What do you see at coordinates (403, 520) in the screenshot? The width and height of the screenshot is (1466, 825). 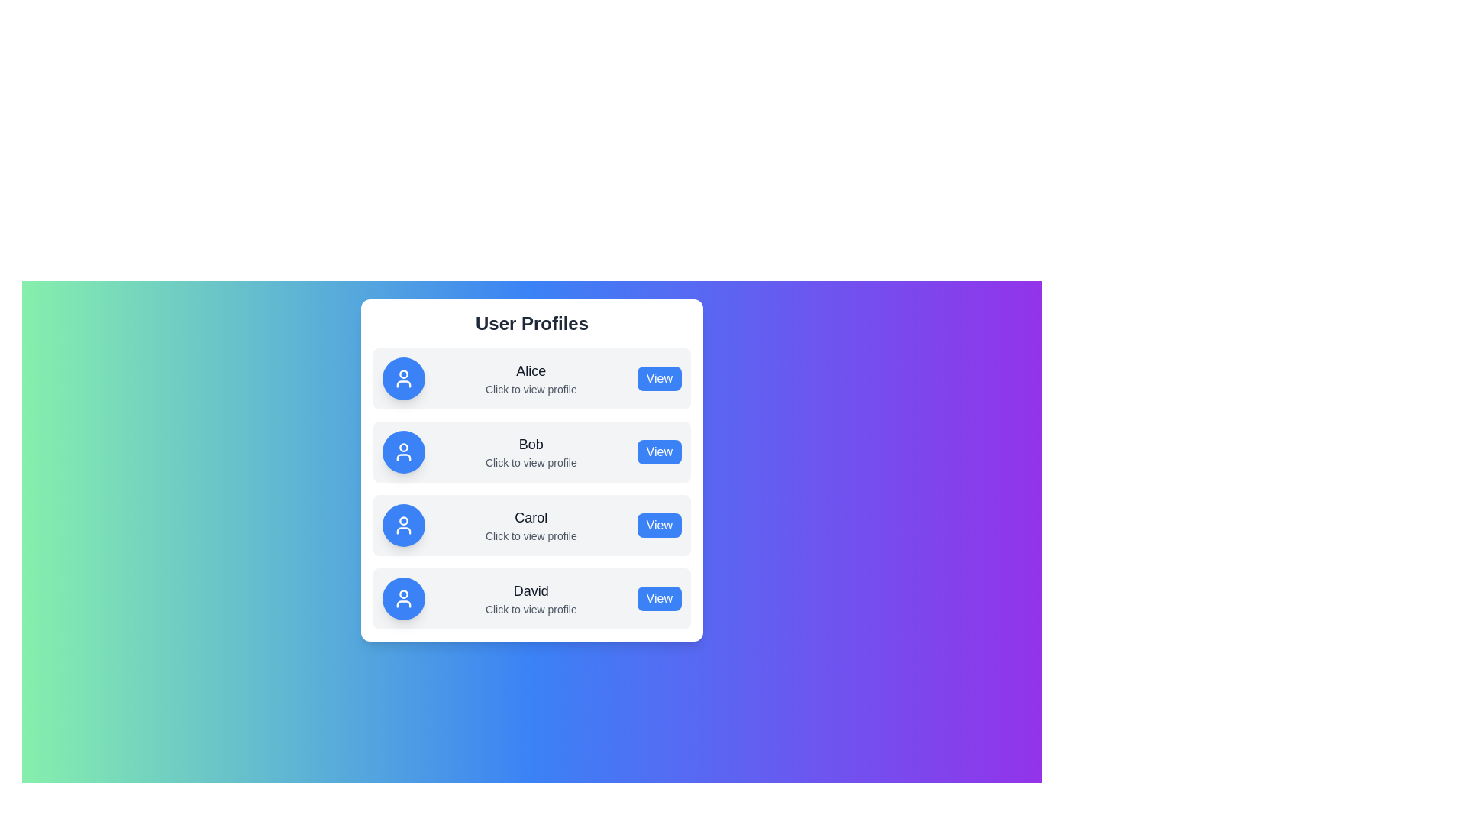 I see `the circular placeholder icon representing the profile picture of the third user, 'Carol', located within the profile card in the vertical user list` at bounding box center [403, 520].